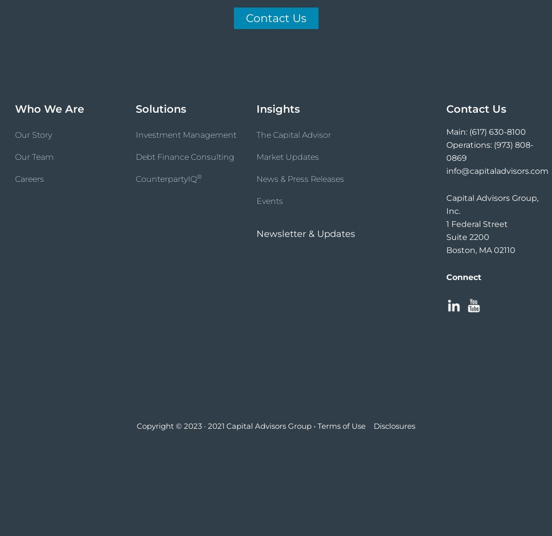 The height and width of the screenshot is (536, 552). I want to click on 'Solutions', so click(161, 108).